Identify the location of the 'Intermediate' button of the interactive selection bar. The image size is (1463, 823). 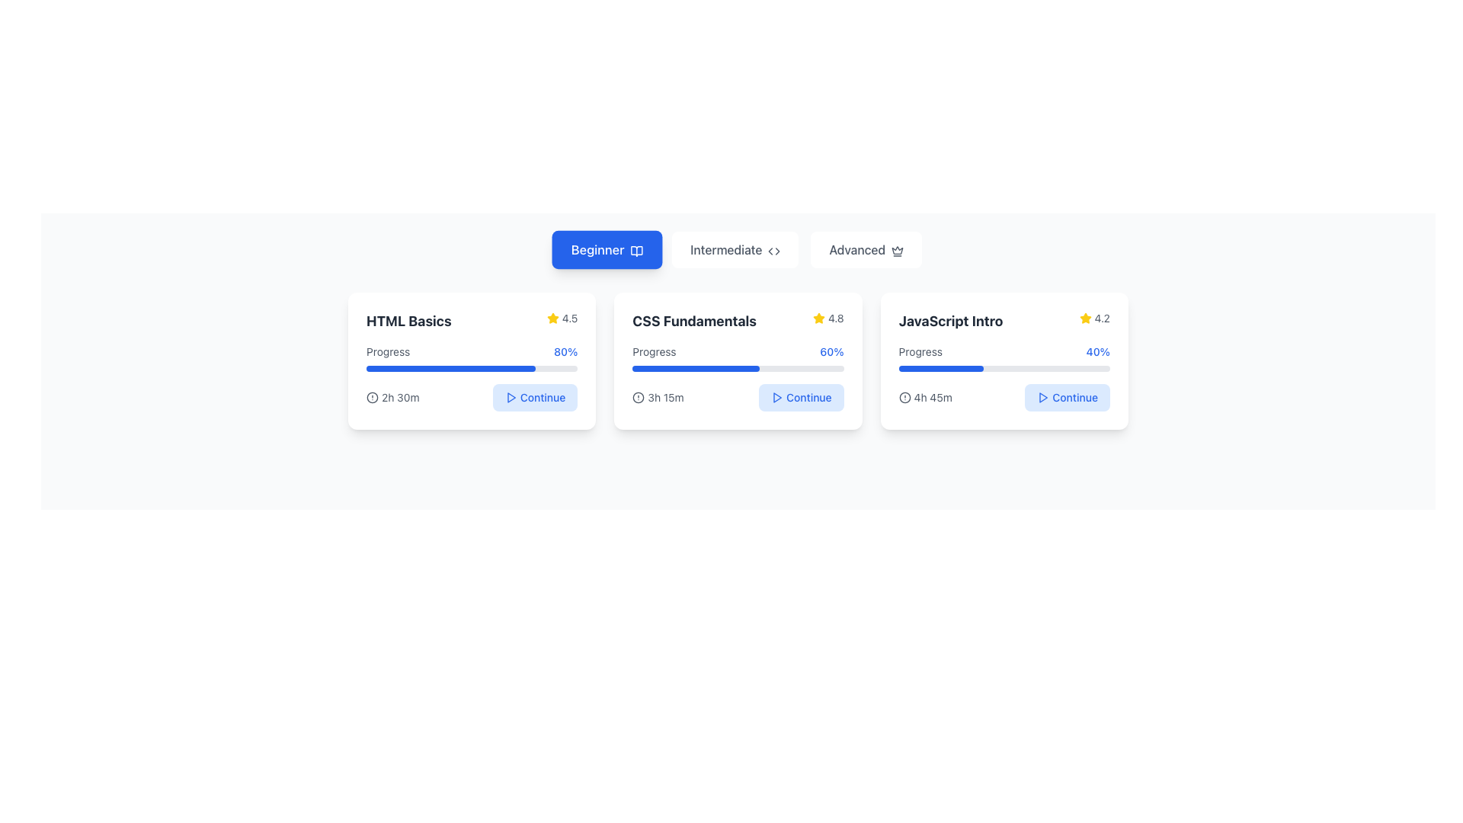
(738, 248).